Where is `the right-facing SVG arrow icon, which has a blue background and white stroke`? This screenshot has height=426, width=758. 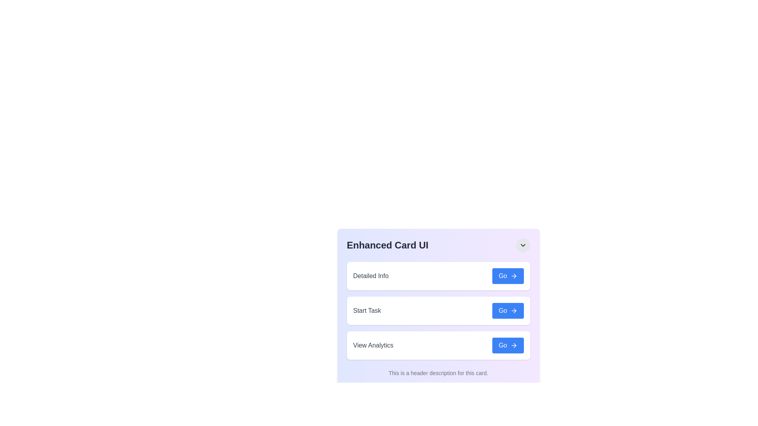 the right-facing SVG arrow icon, which has a blue background and white stroke is located at coordinates (514, 275).